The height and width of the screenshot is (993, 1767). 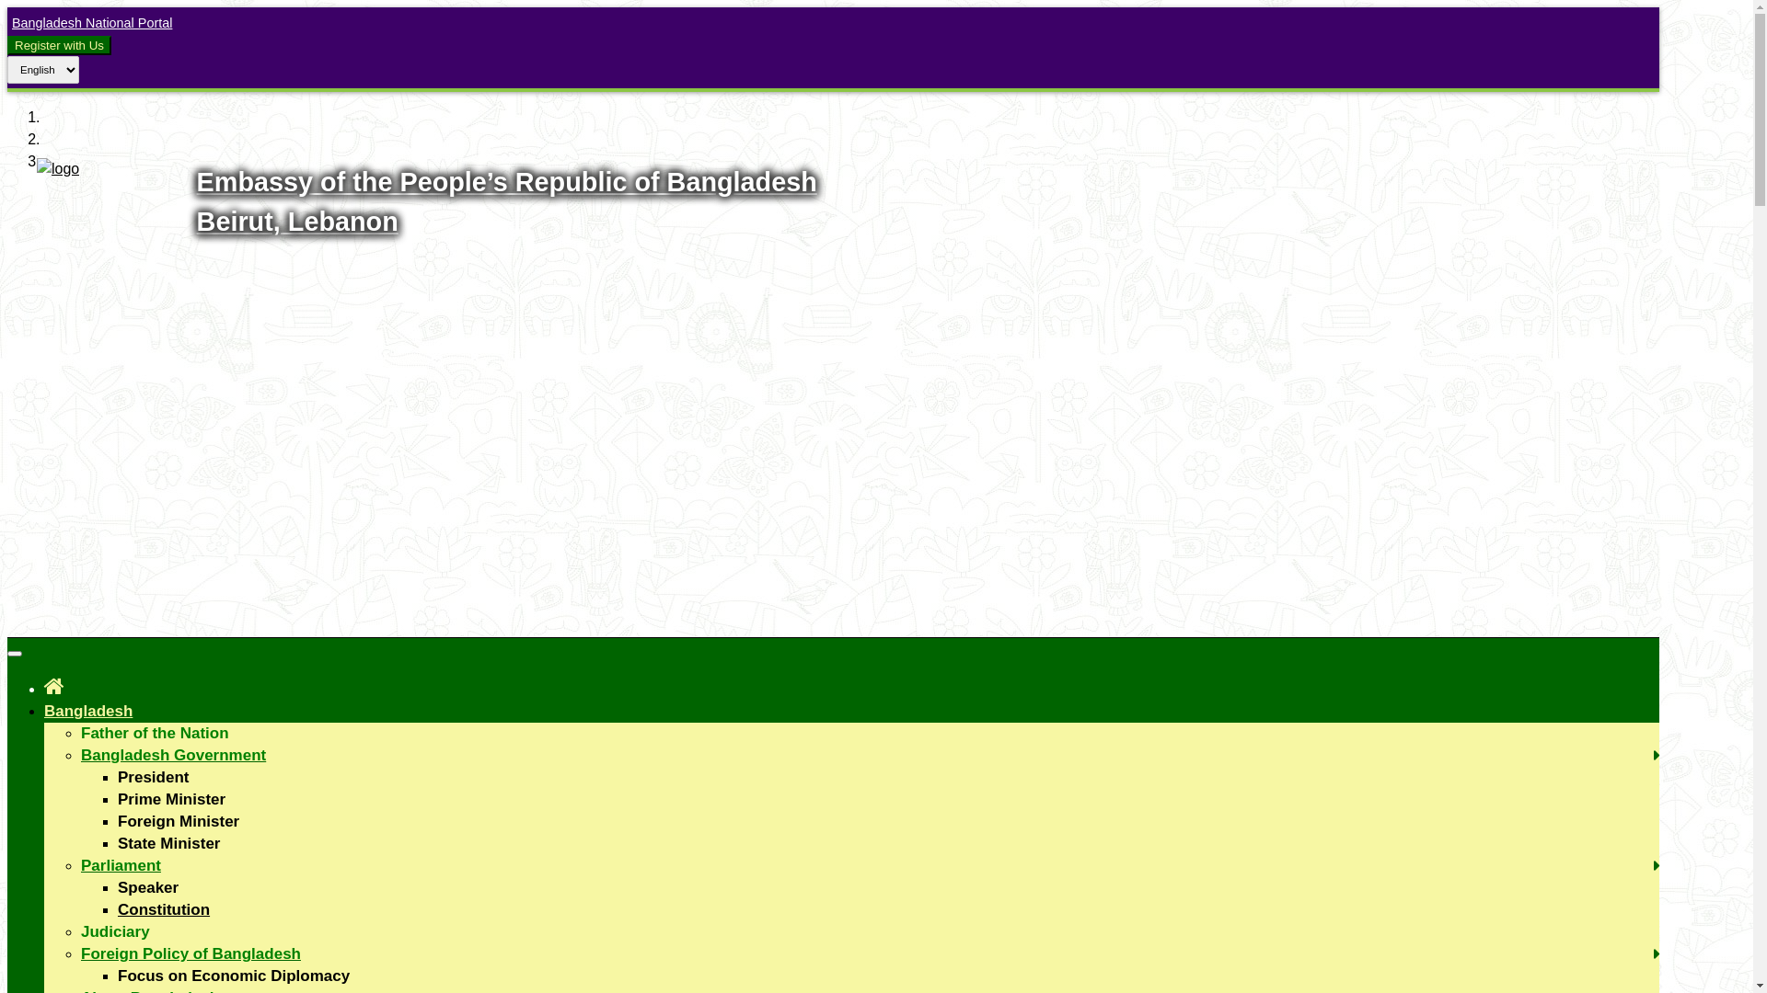 What do you see at coordinates (53, 686) in the screenshot?
I see `'Home'` at bounding box center [53, 686].